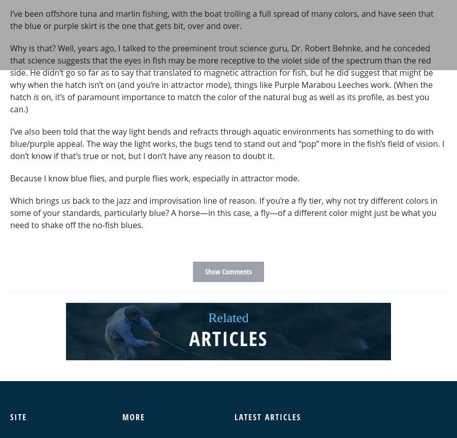 The height and width of the screenshot is (438, 457). I want to click on 'Related', so click(228, 318).